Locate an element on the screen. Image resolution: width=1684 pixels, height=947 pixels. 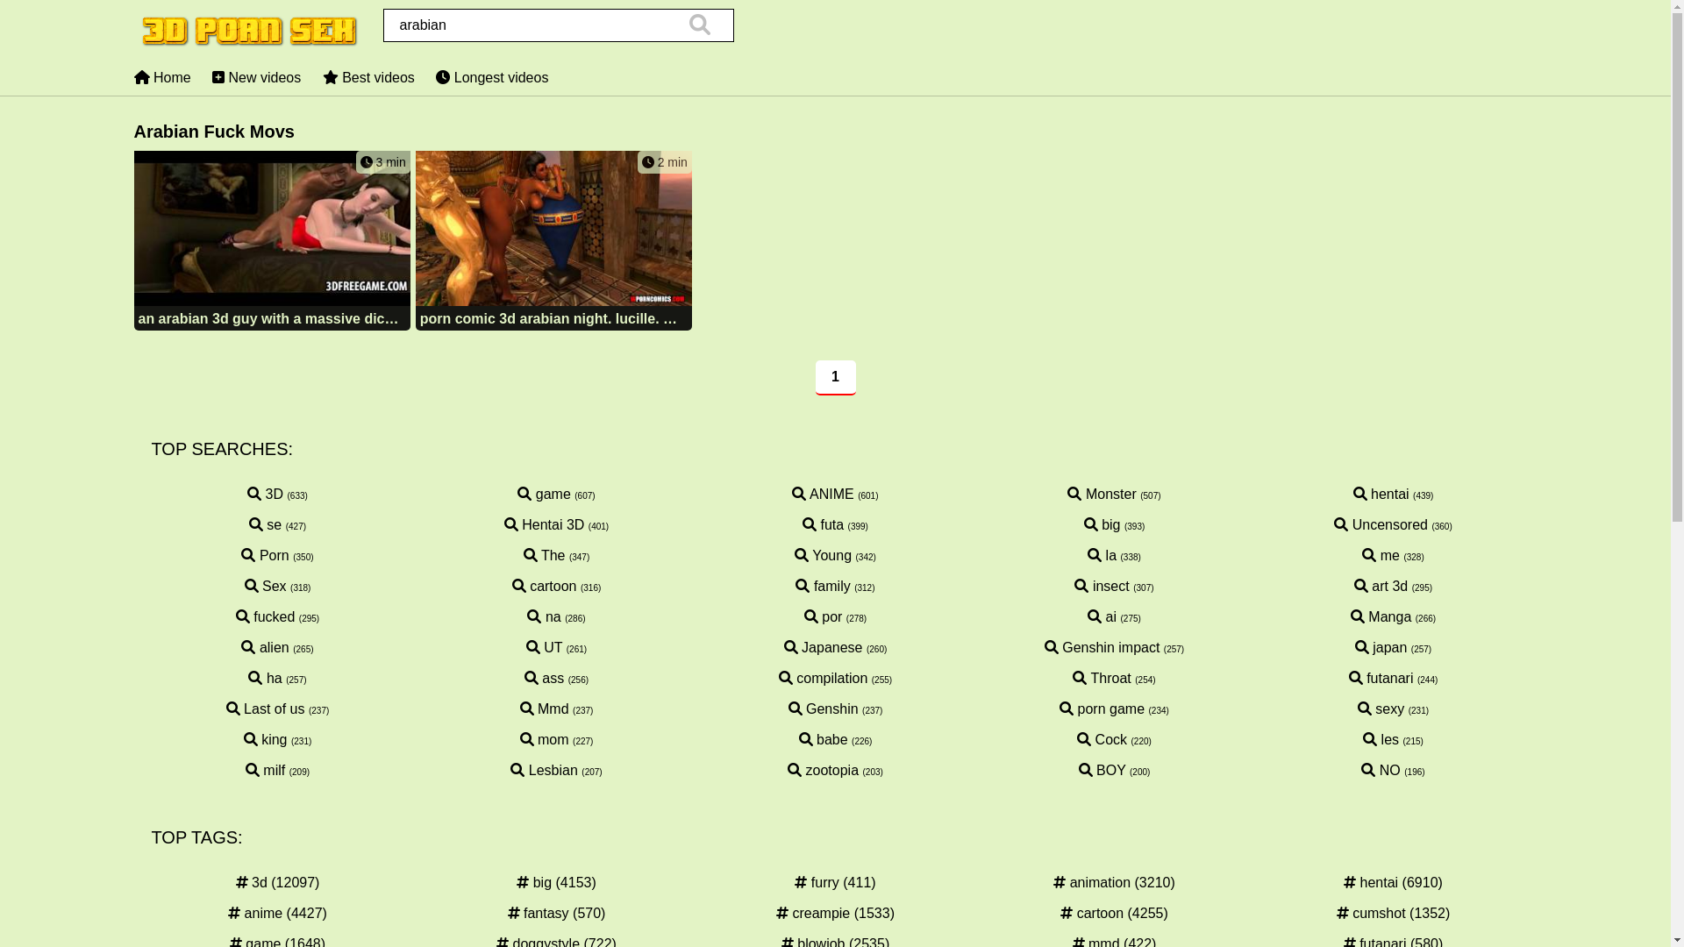
'art 3d' is located at coordinates (1380, 586).